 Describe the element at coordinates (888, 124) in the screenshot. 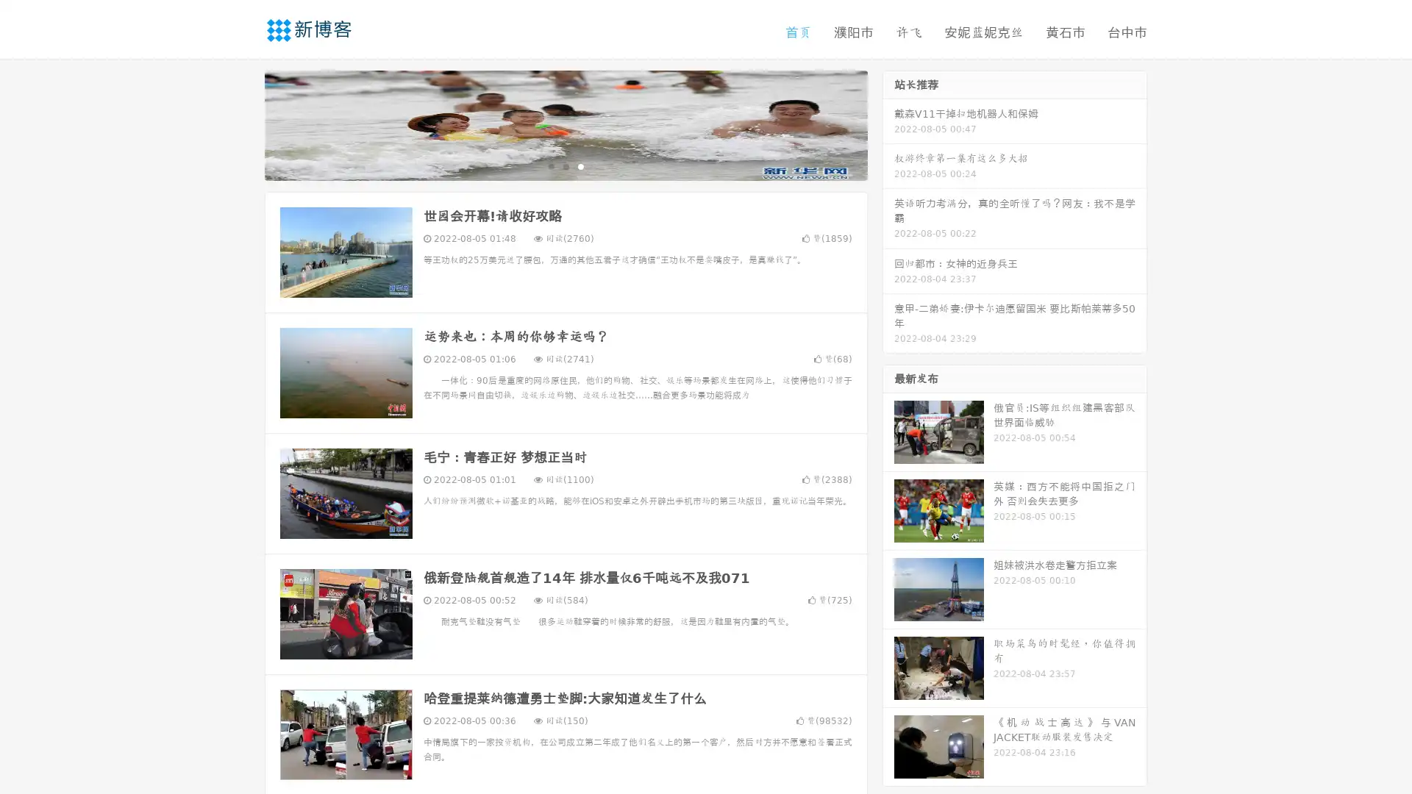

I see `Next slide` at that location.